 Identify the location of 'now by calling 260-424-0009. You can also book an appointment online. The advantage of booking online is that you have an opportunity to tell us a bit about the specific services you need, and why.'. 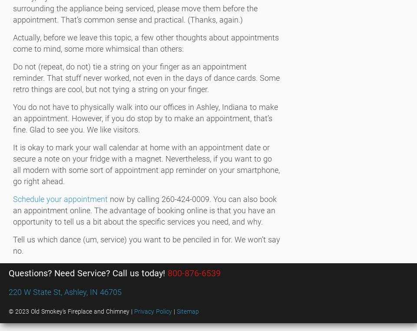
(145, 210).